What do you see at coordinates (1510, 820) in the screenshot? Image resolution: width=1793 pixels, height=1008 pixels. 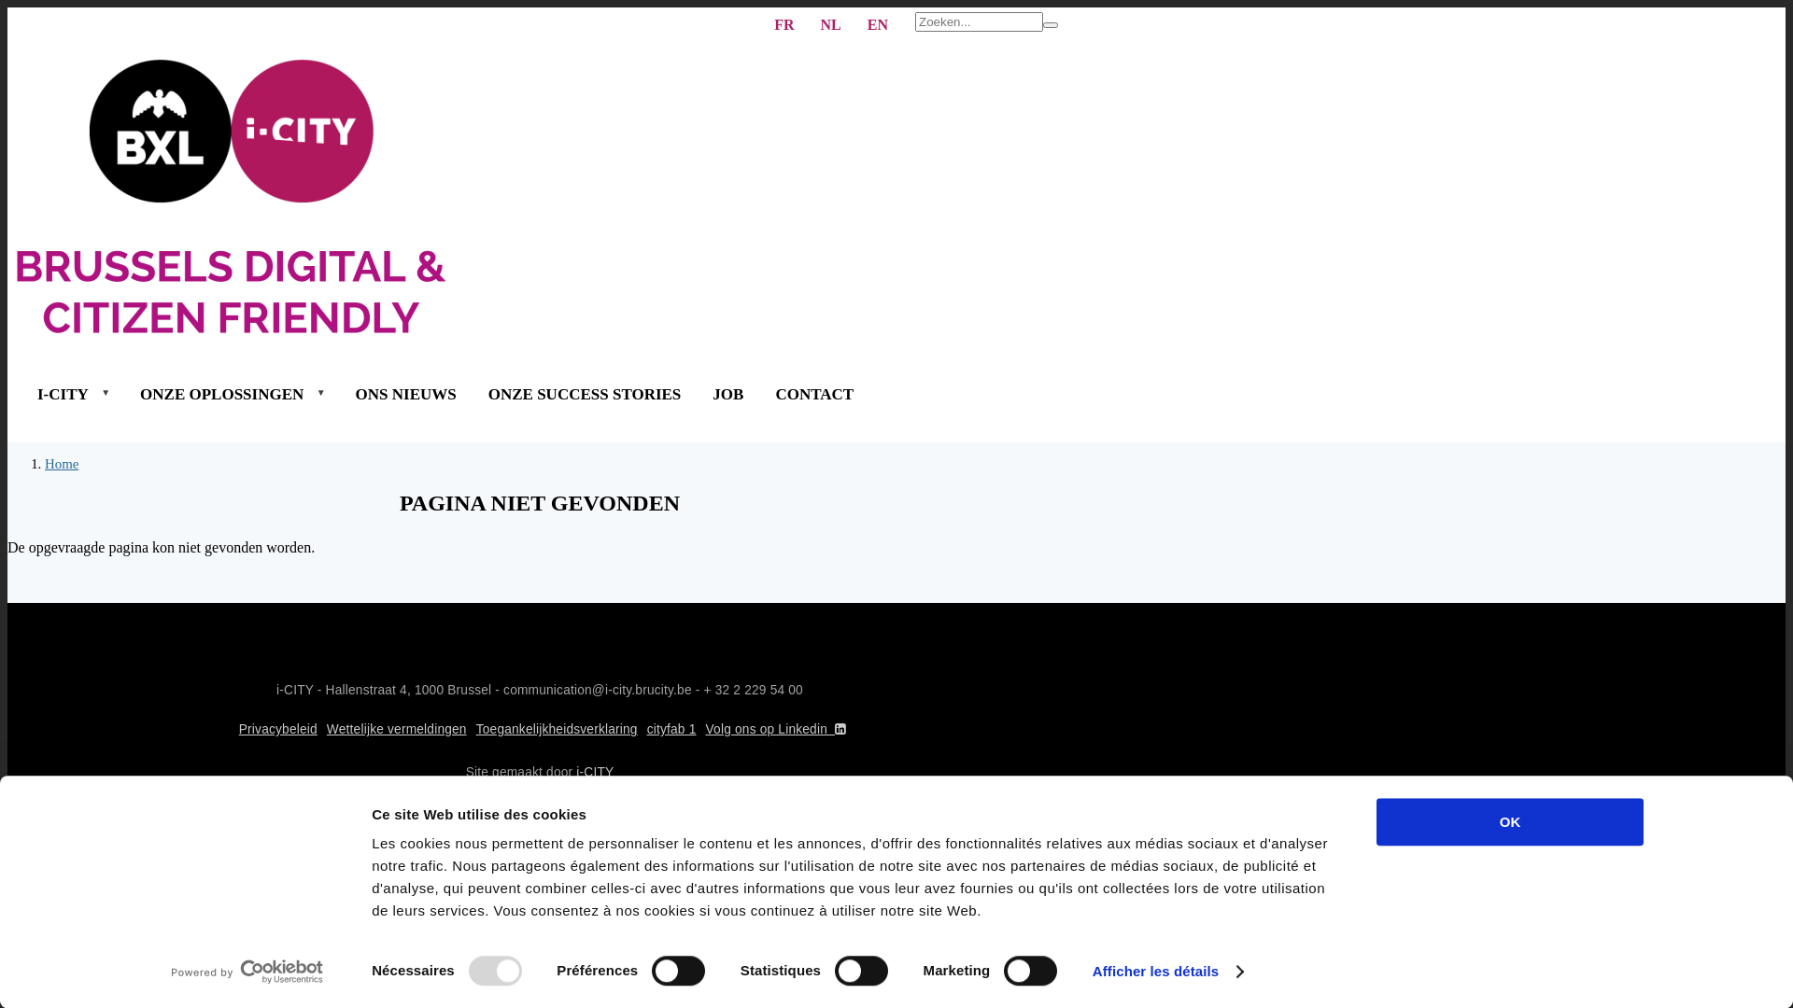 I see `'OK'` at bounding box center [1510, 820].